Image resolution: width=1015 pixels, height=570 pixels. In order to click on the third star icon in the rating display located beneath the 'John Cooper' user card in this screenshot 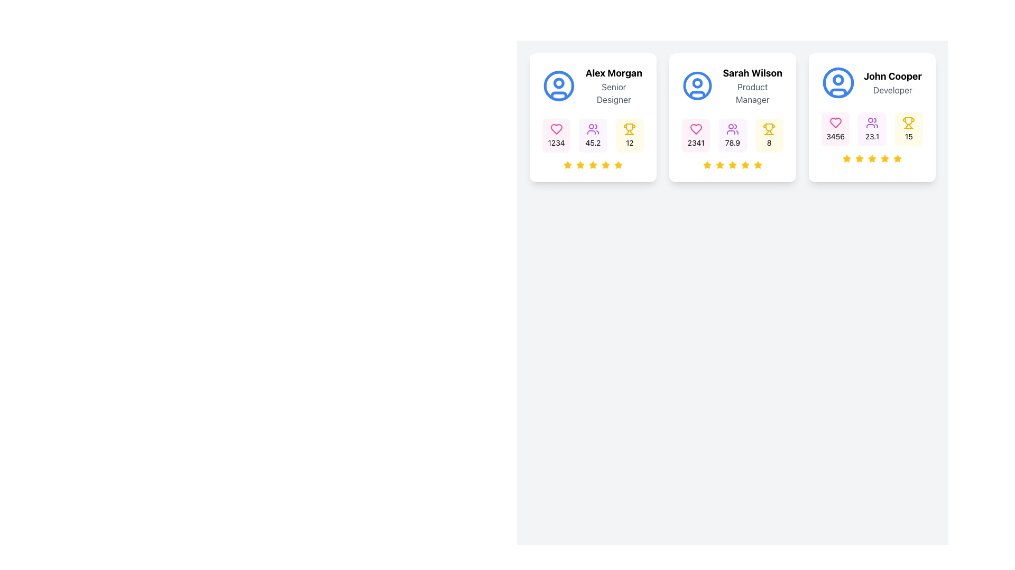, I will do `click(860, 158)`.